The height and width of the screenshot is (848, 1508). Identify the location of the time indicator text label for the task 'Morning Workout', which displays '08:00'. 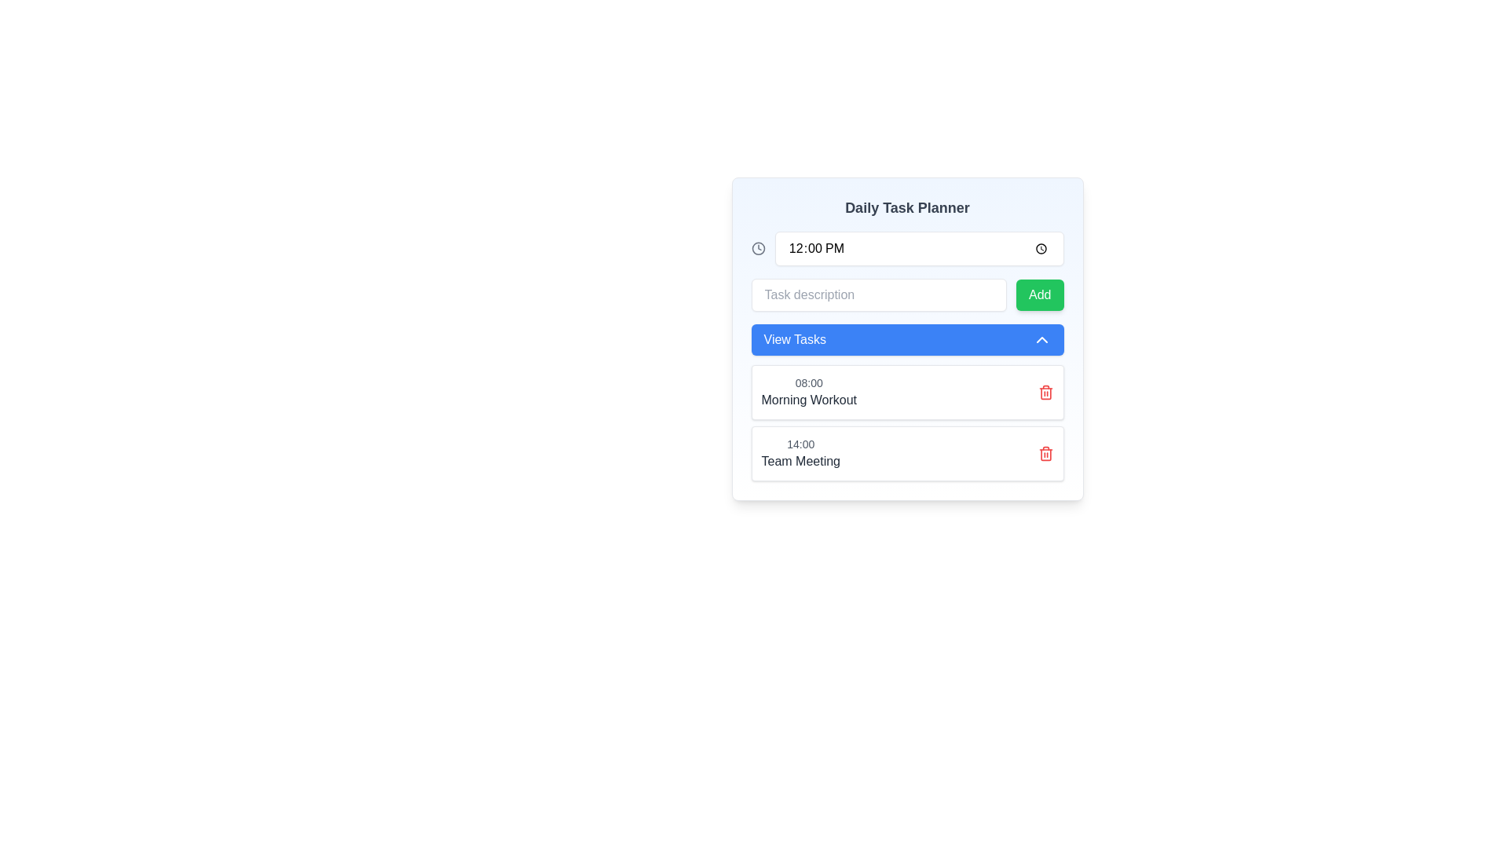
(809, 383).